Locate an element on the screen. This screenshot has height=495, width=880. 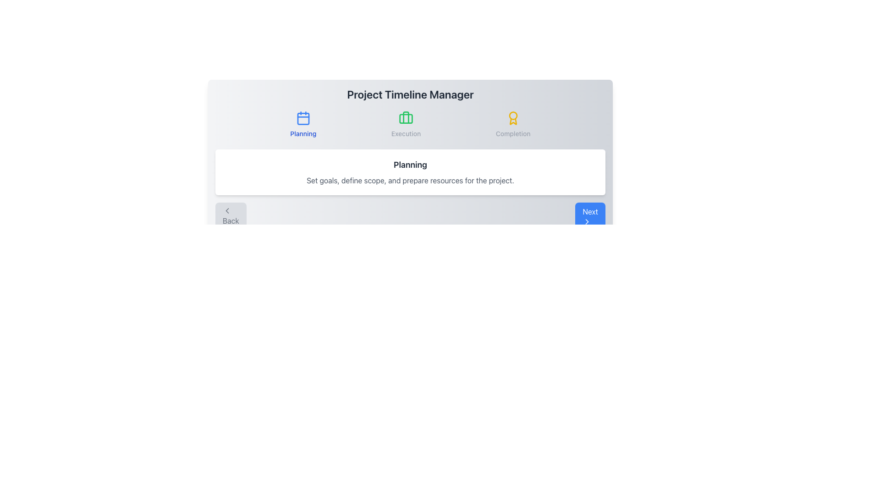
the static text label displaying 'Execution', which is the middle label under the icons for 'Planning' and 'Completion' is located at coordinates (406, 134).